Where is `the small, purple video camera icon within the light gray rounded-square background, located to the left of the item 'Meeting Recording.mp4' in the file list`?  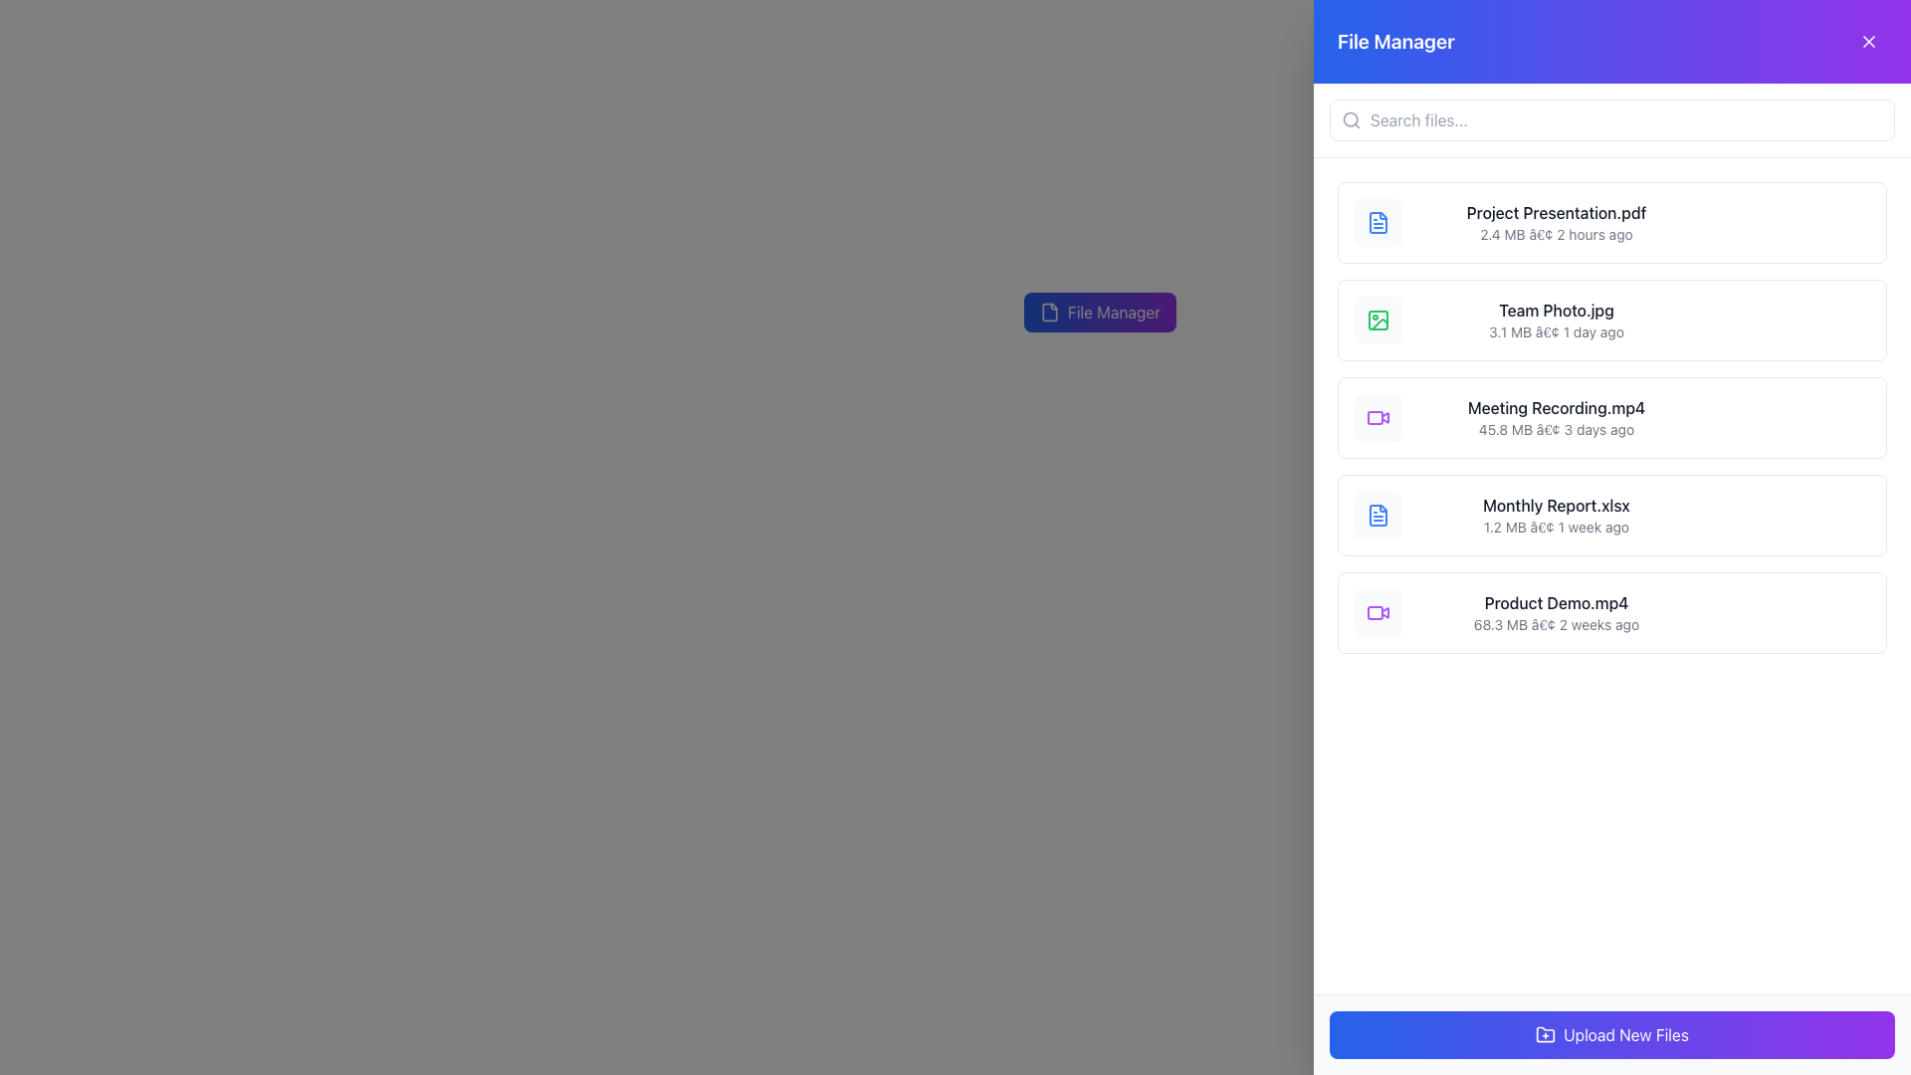
the small, purple video camera icon within the light gray rounded-square background, located to the left of the item 'Meeting Recording.mp4' in the file list is located at coordinates (1378, 417).